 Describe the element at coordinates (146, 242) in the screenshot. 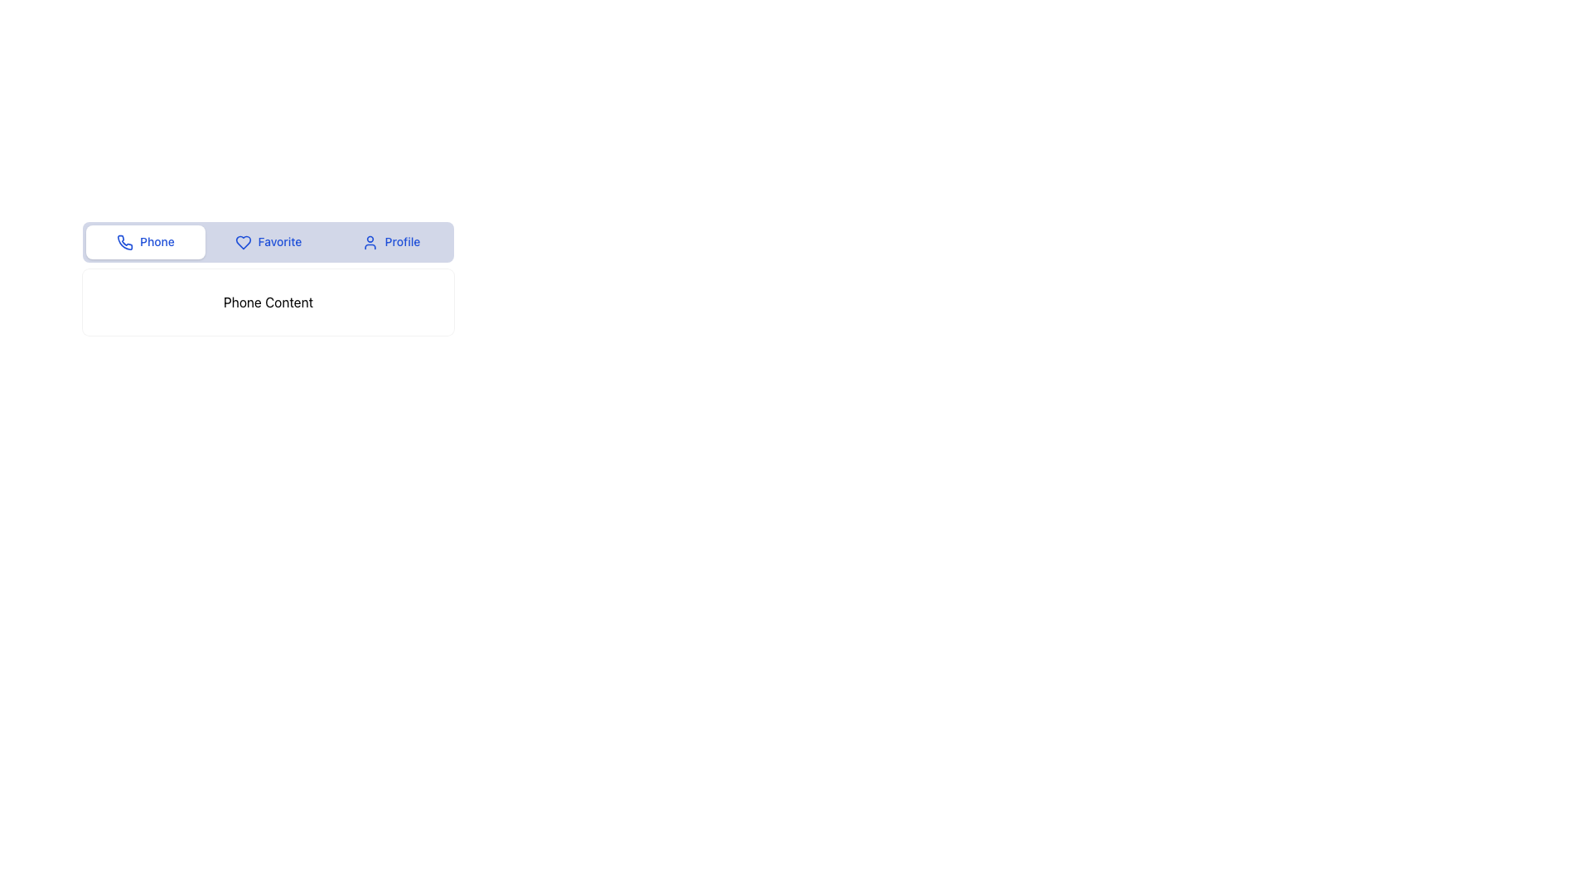

I see `the 'Phone' tab button, which is the leftmost tab in a horizontal list of three tabs, featuring a blue phone icon and the text 'Phone' in blue` at that location.